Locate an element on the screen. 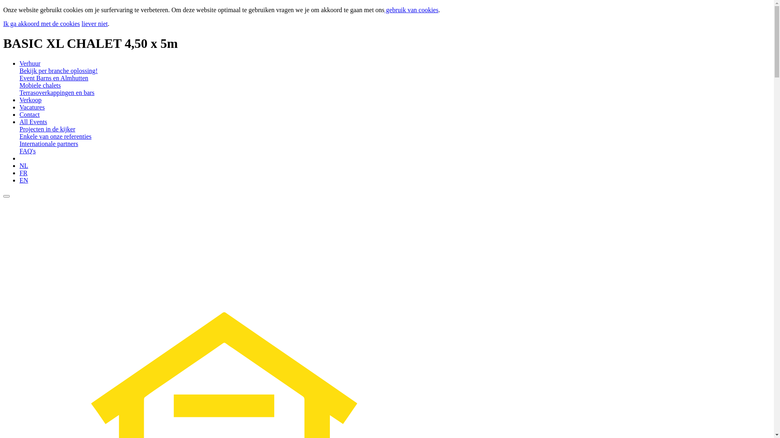 The image size is (780, 438). 'Enkele van onze referenties' is located at coordinates (55, 136).